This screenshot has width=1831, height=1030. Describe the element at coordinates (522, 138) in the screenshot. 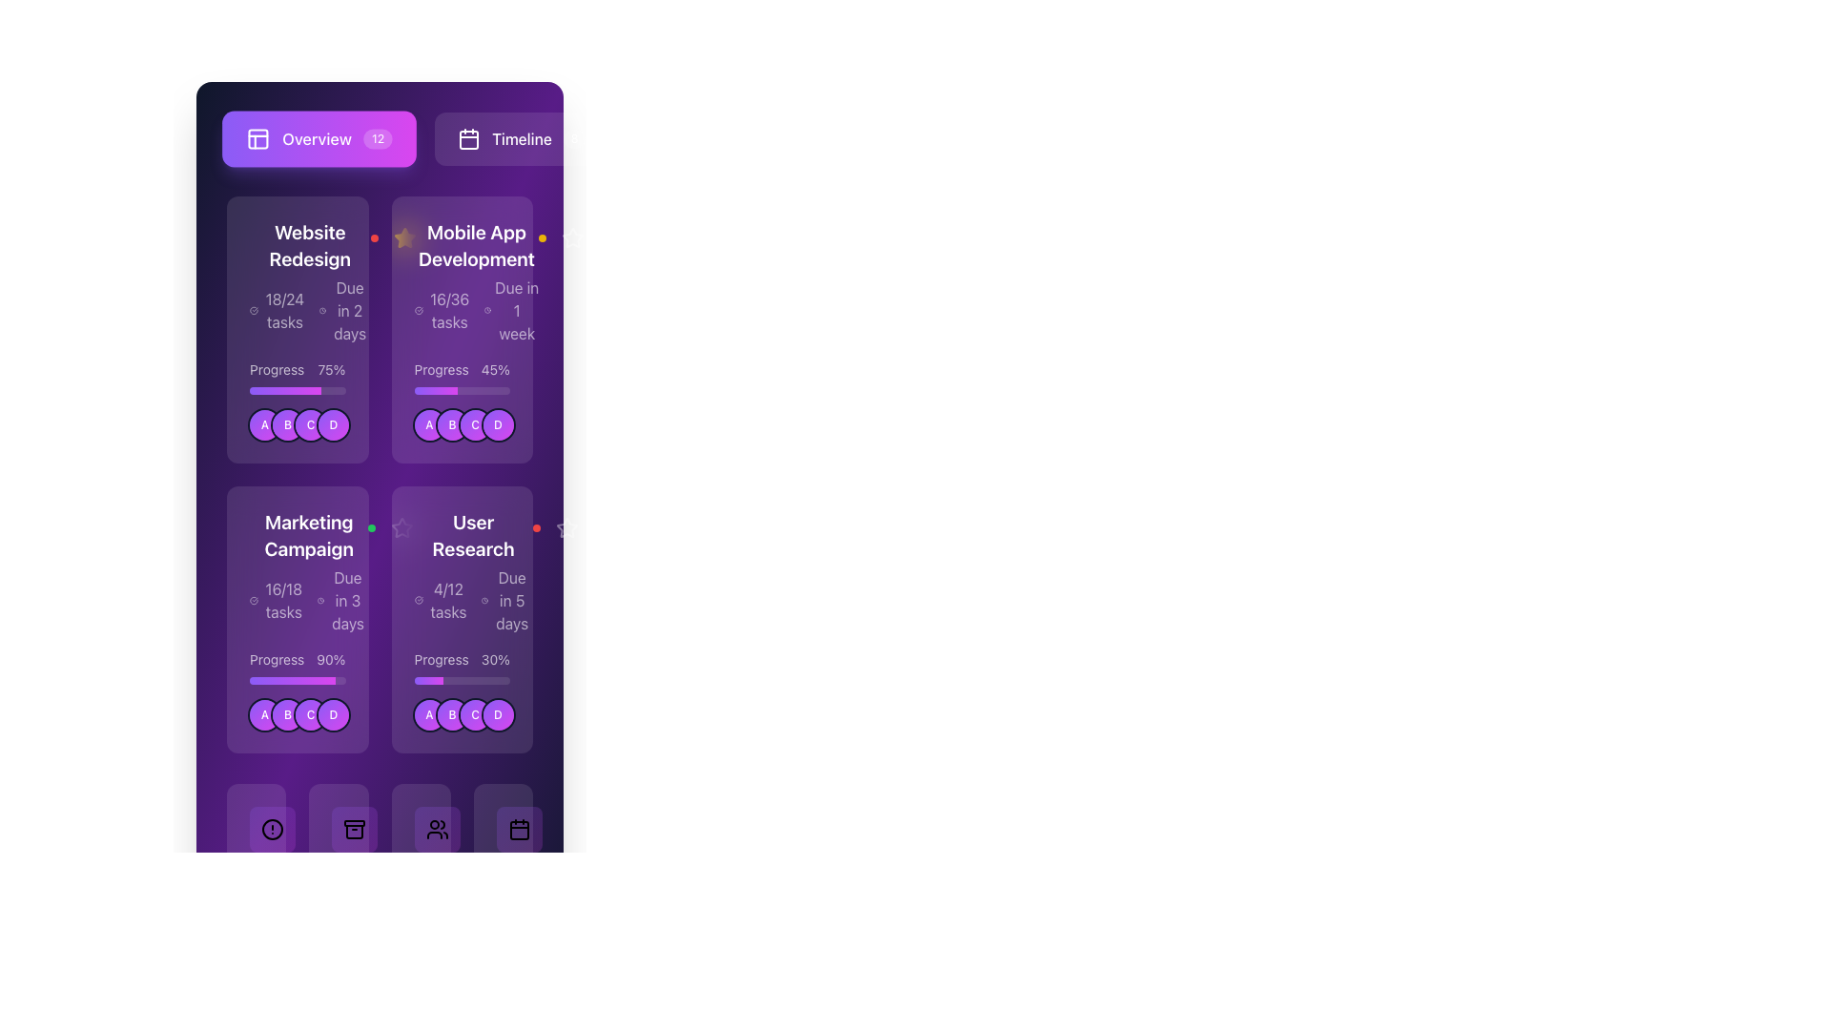

I see `the 'Timeline' text label in the top-right corner of the navigation bar` at that location.